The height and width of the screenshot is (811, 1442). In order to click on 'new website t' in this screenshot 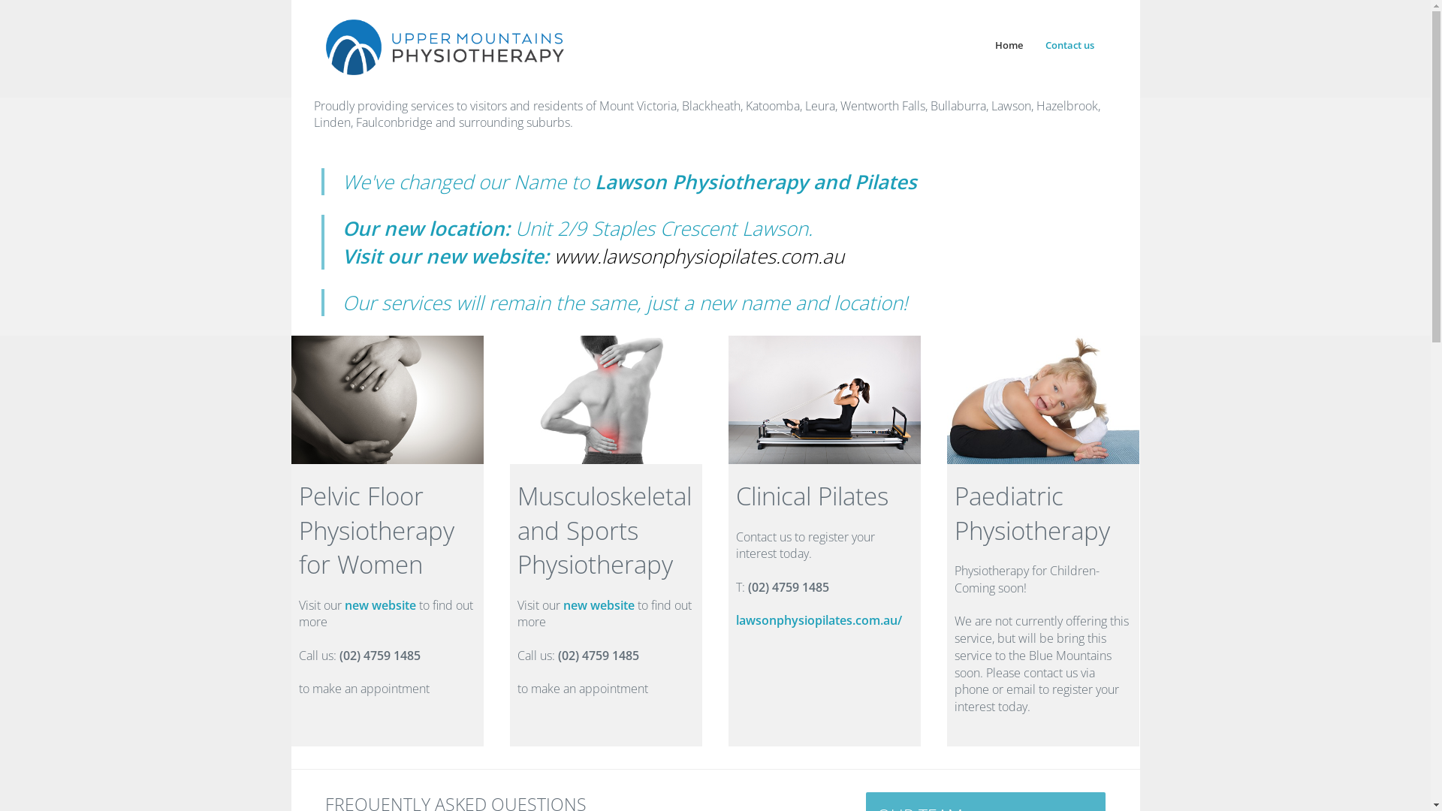, I will do `click(383, 604)`.